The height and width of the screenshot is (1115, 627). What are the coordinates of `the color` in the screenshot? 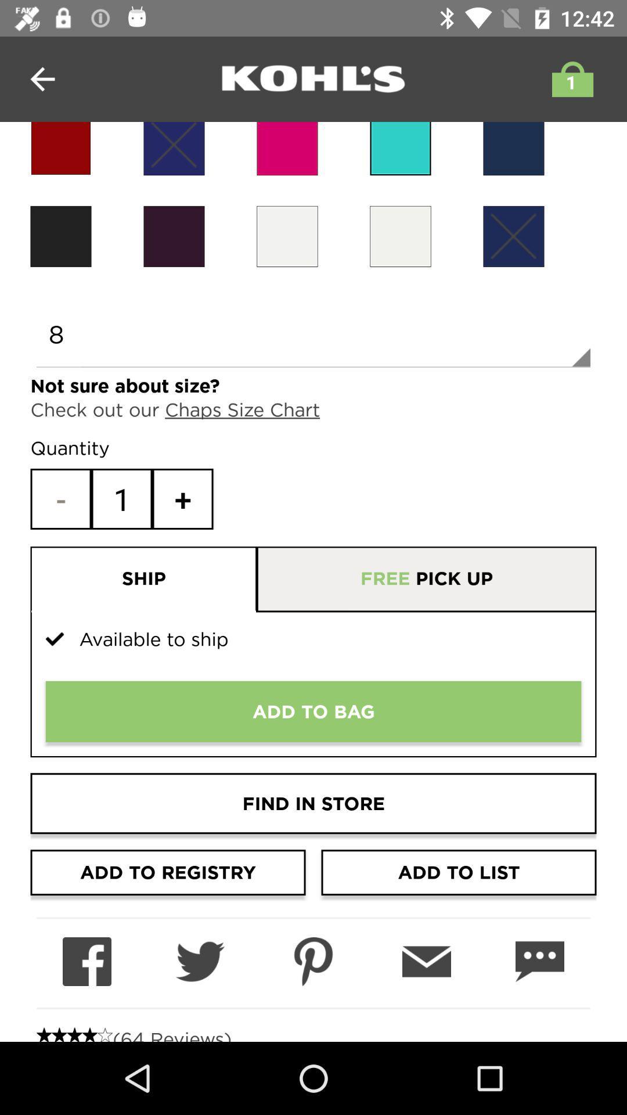 It's located at (513, 236).